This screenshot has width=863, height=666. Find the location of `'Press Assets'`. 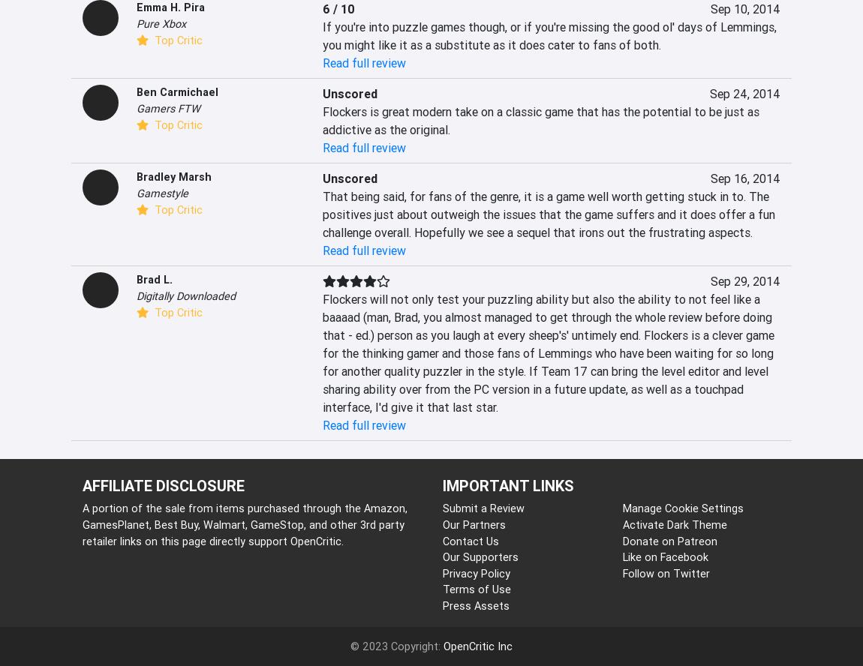

'Press Assets' is located at coordinates (475, 605).